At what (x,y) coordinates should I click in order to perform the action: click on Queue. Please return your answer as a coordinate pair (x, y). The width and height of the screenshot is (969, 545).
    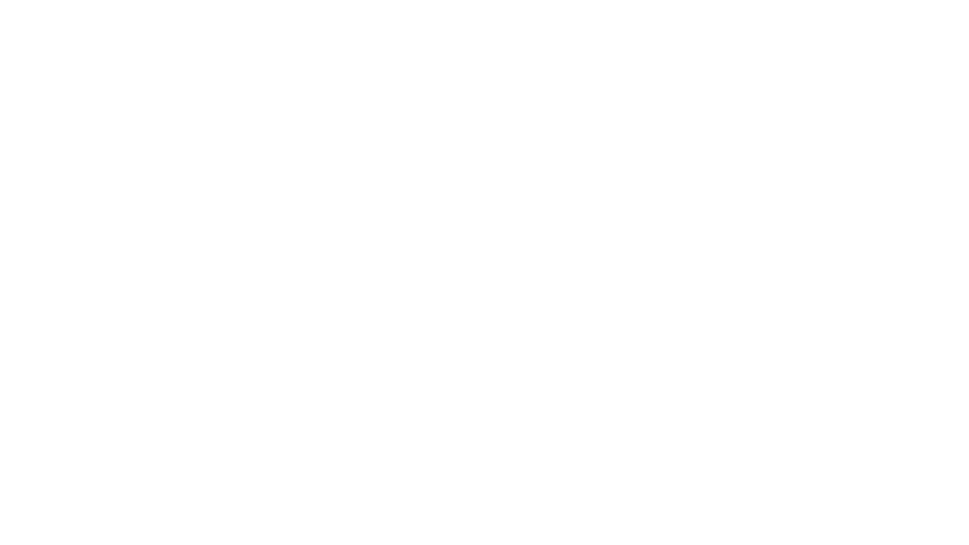
    Looking at the image, I should click on (933, 524).